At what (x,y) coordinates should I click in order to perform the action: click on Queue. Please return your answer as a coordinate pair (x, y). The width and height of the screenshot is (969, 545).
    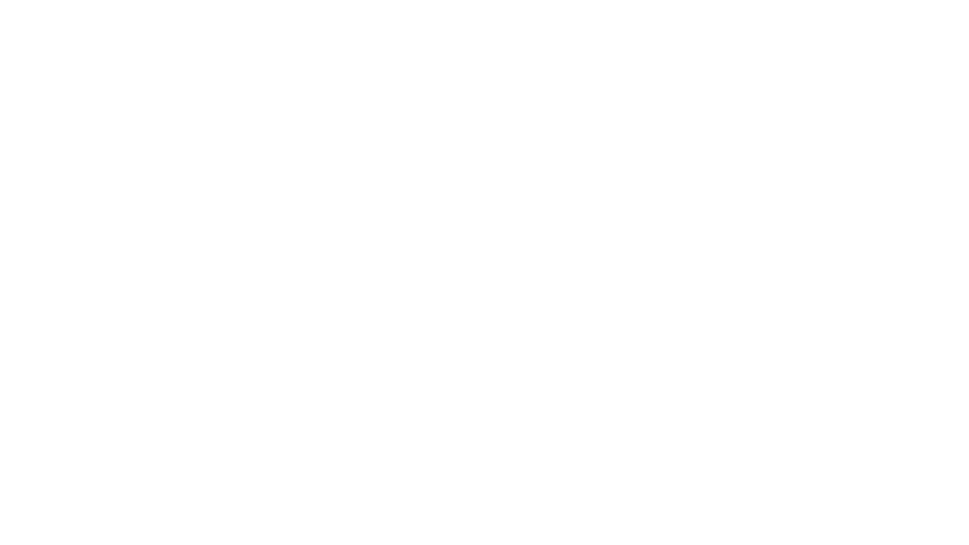
    Looking at the image, I should click on (933, 524).